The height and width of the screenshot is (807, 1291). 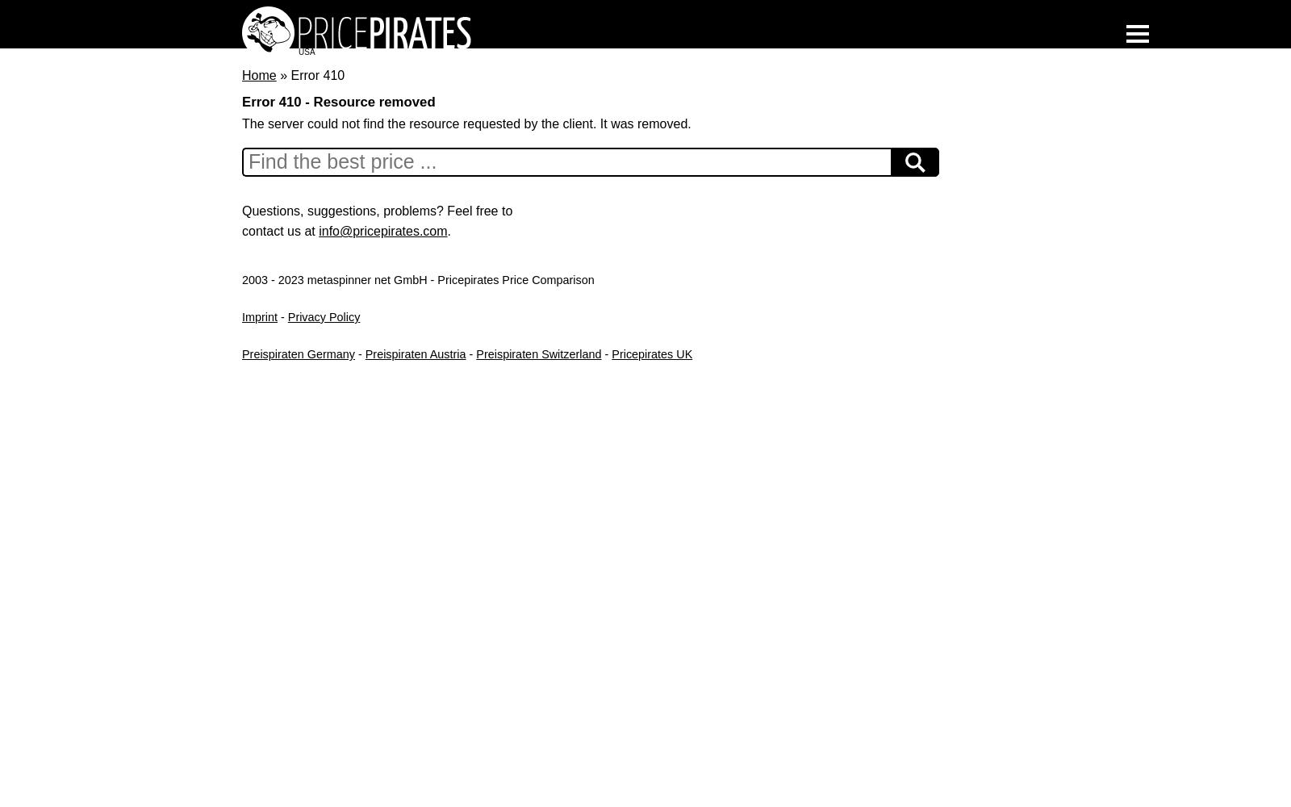 What do you see at coordinates (466, 123) in the screenshot?
I see `'The server could not find the resource requested by the client. It was removed.'` at bounding box center [466, 123].